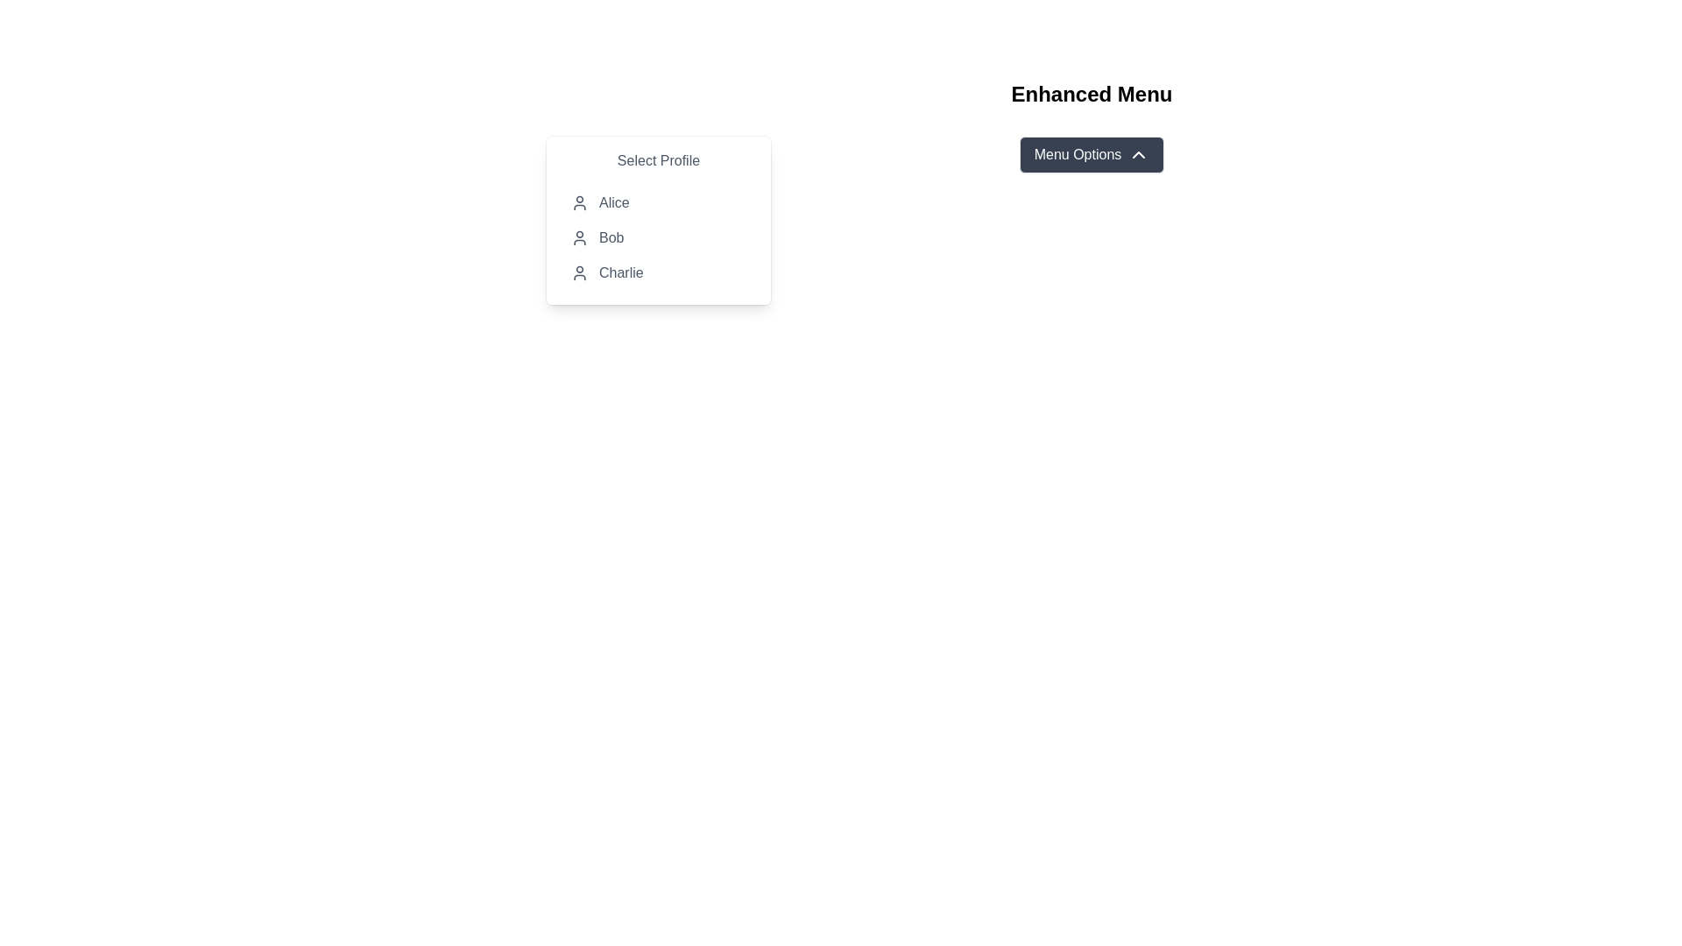 The width and height of the screenshot is (1682, 946). Describe the element at coordinates (1139, 154) in the screenshot. I see `the chevron arrow icon indicating the expandable menu state, located to the right of the 'Menu Options' button` at that location.